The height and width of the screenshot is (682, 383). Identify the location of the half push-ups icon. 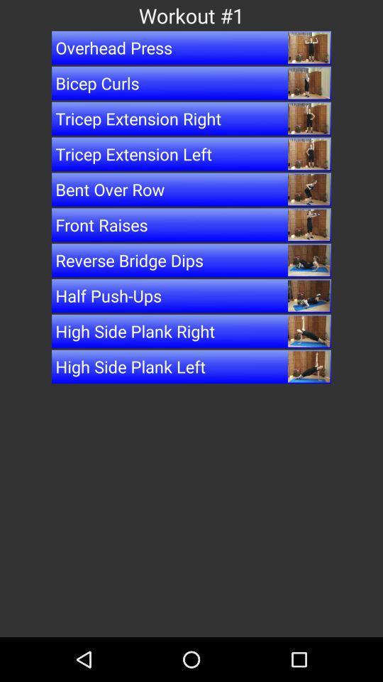
(191, 295).